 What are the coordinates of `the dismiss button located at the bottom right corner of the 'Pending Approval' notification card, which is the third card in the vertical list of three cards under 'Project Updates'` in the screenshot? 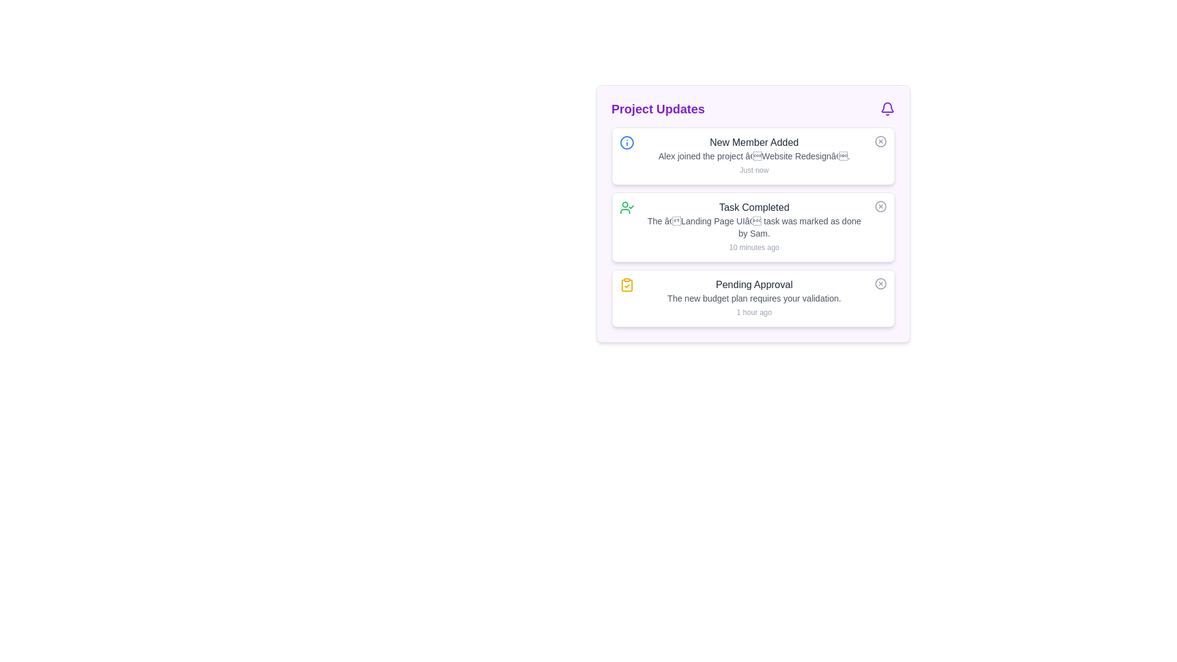 It's located at (880, 283).